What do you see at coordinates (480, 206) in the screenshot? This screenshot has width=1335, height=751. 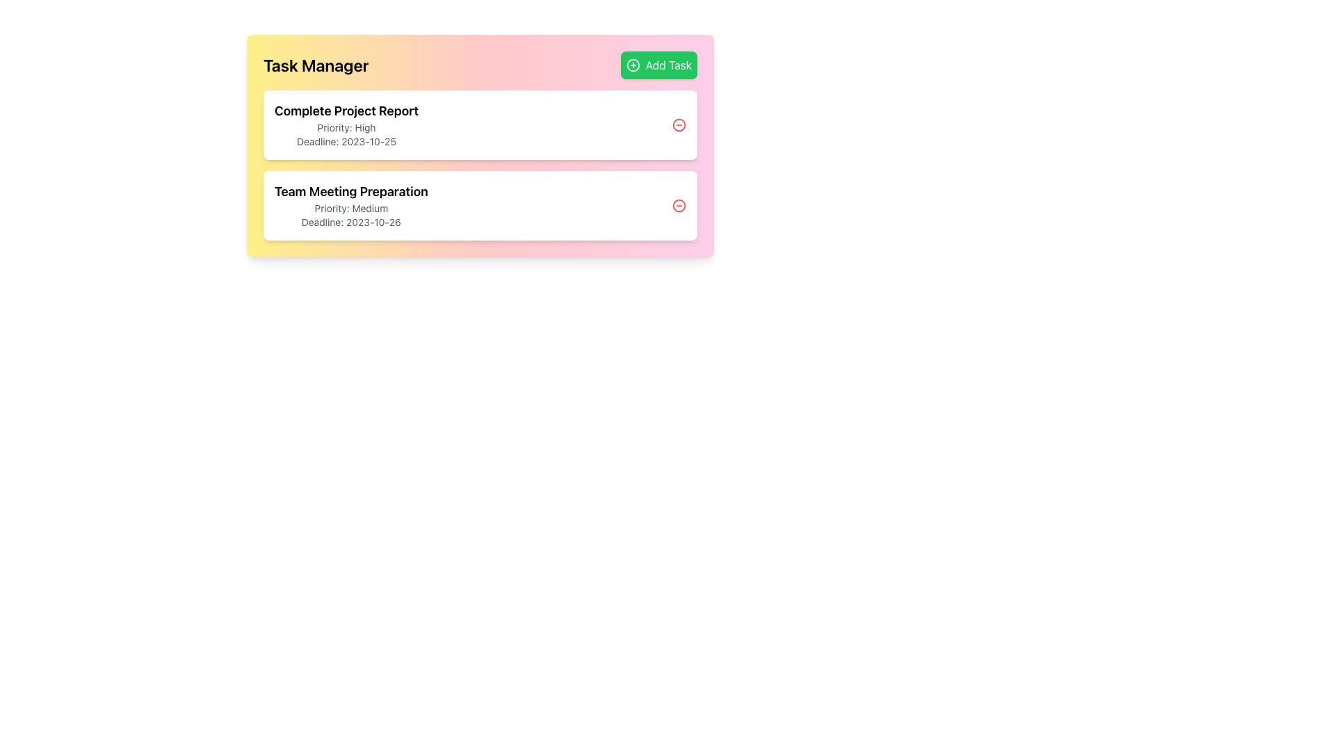 I see `the circular button associated with the second Task Card in the task manager application` at bounding box center [480, 206].